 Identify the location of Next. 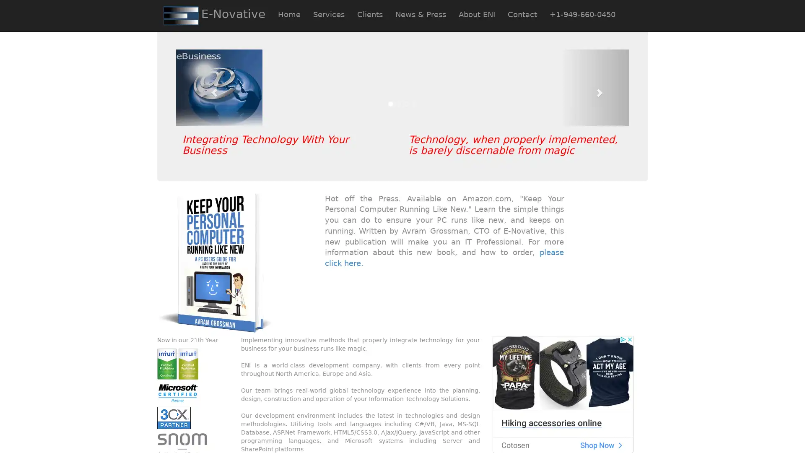
(595, 87).